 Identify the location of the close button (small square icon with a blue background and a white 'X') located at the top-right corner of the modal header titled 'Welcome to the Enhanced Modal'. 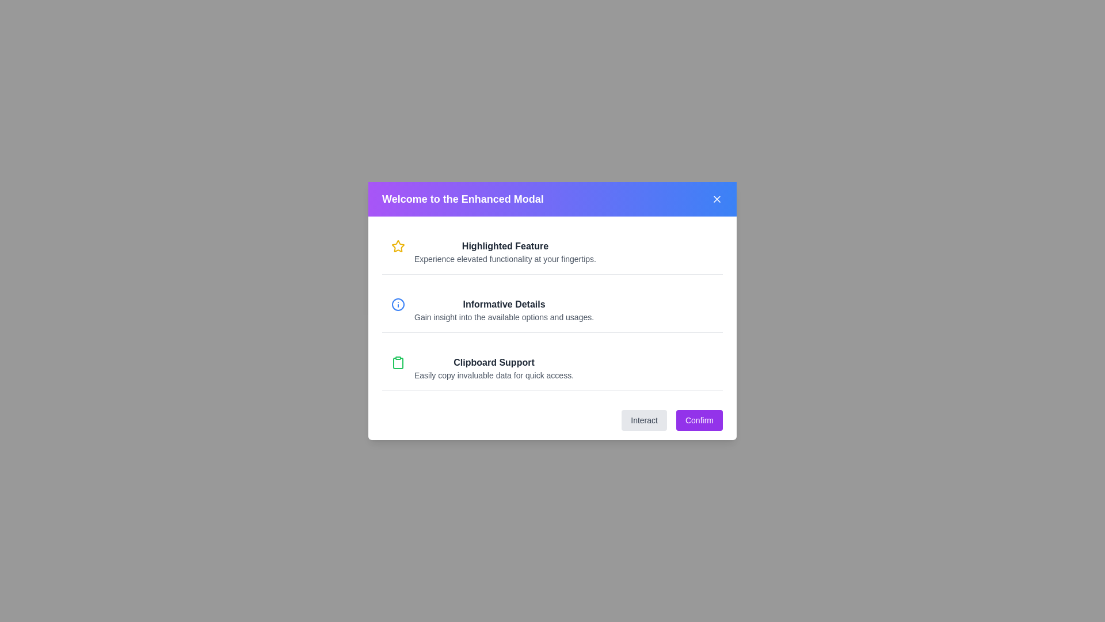
(716, 199).